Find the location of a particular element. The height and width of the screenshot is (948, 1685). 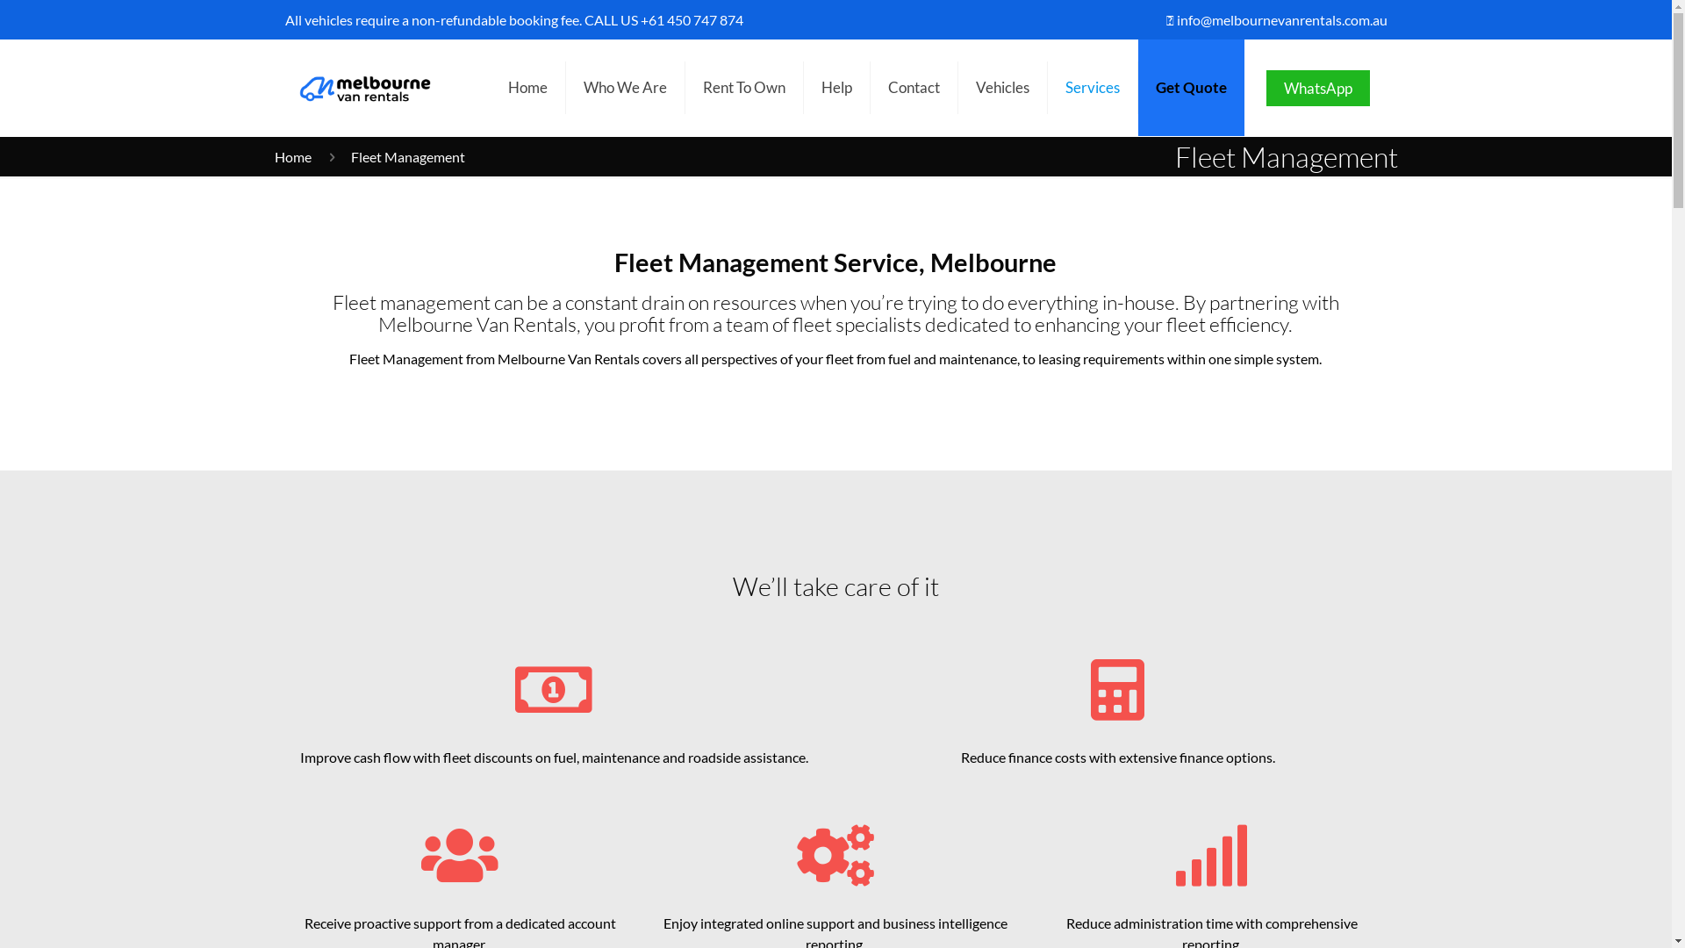

'WhatsApp' is located at coordinates (1317, 88).